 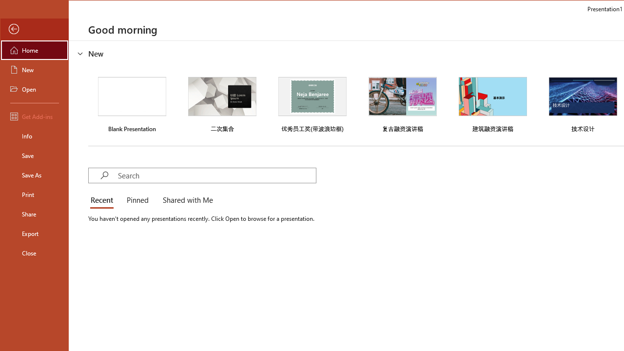 I want to click on 'Back', so click(x=35, y=29).